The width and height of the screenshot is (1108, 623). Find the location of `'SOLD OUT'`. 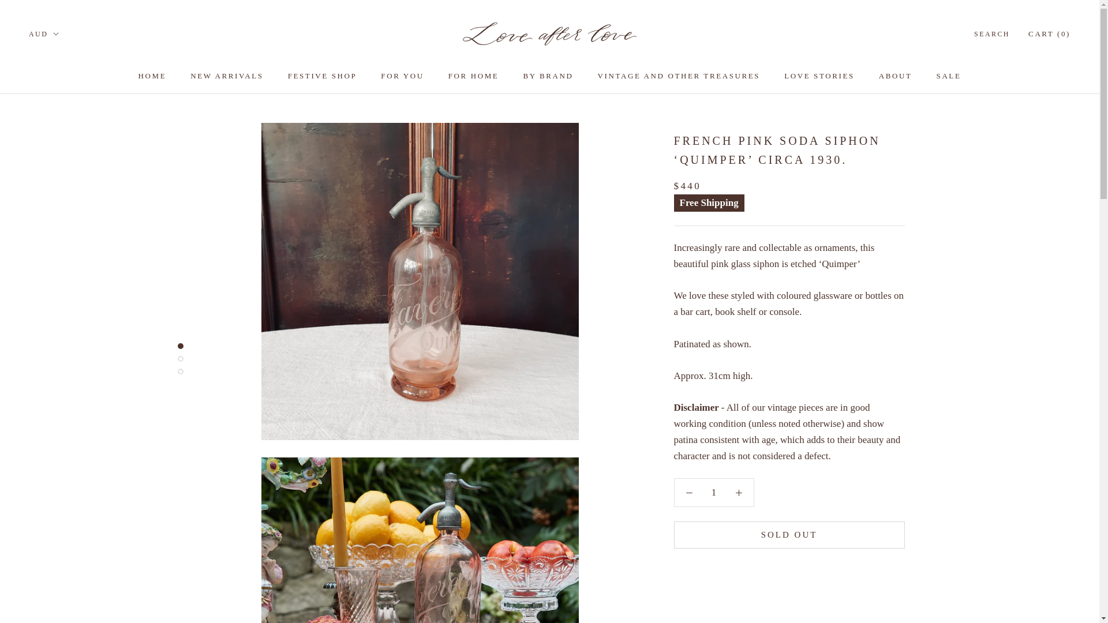

'SOLD OUT' is located at coordinates (789, 535).